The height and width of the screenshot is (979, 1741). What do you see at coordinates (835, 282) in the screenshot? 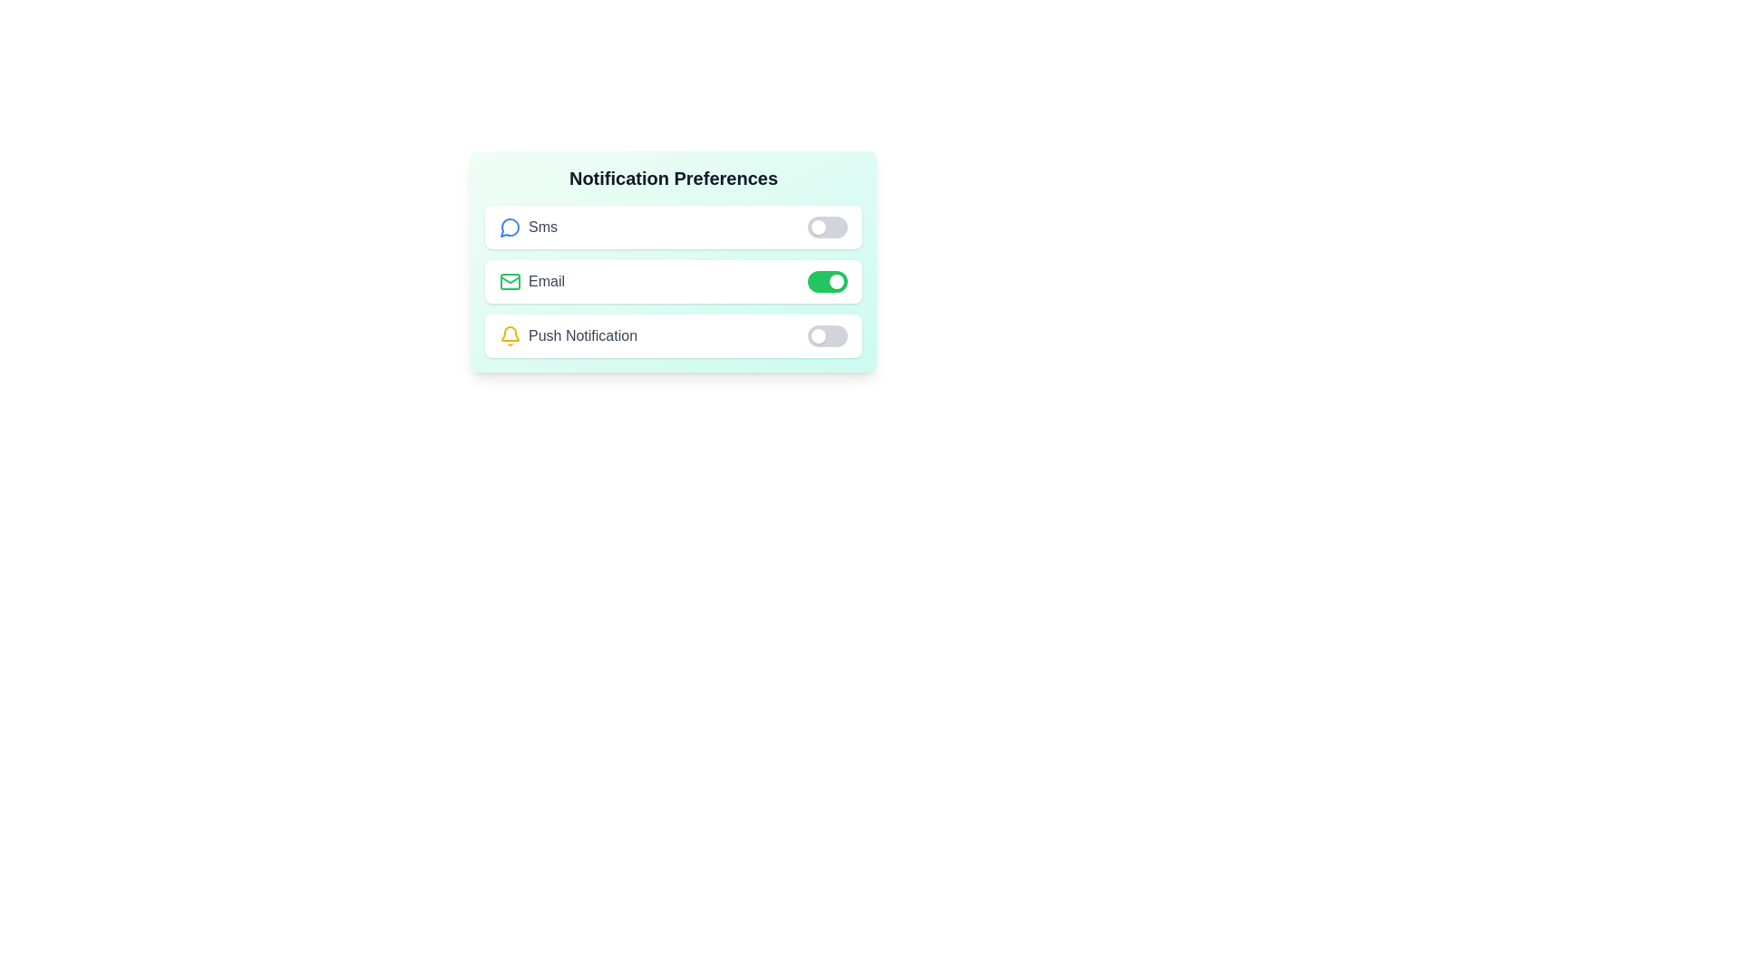
I see `the toggle knob located` at bounding box center [835, 282].